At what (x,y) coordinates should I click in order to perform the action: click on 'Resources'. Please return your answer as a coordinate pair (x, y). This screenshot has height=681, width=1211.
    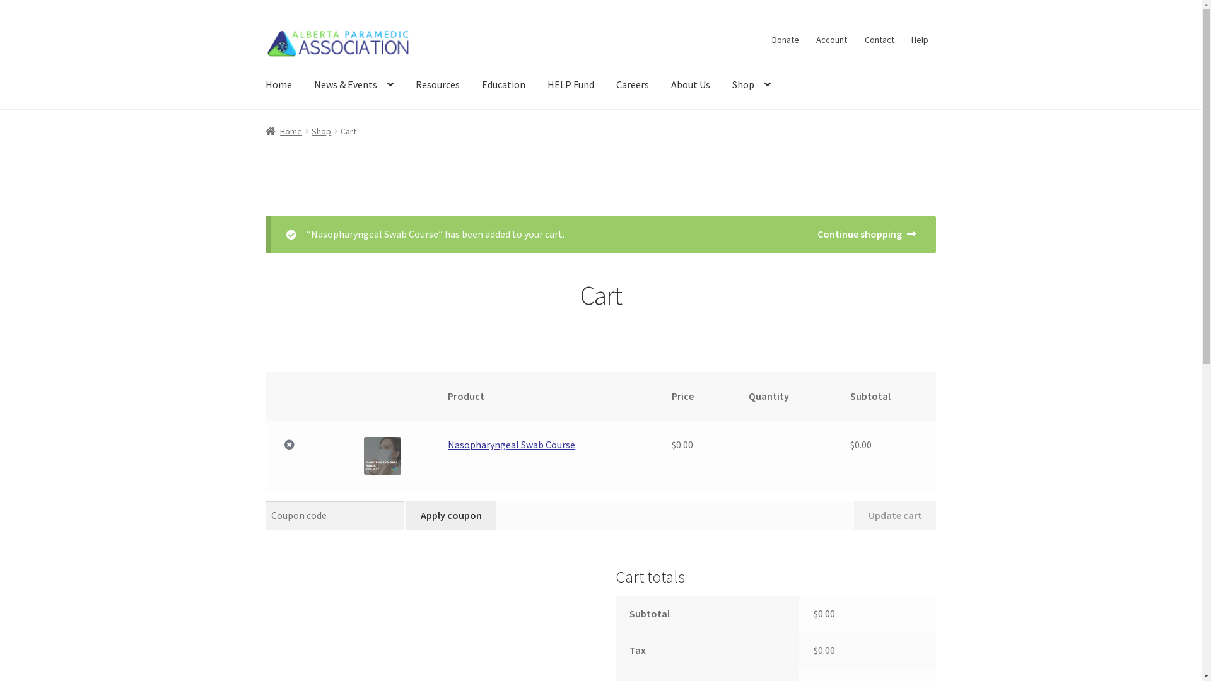
    Looking at the image, I should click on (438, 85).